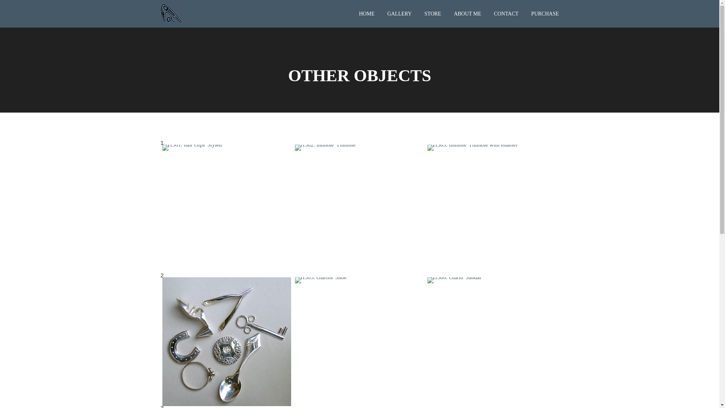 Image resolution: width=725 pixels, height=408 pixels. What do you see at coordinates (488, 13) in the screenshot?
I see `'CONTACT'` at bounding box center [488, 13].